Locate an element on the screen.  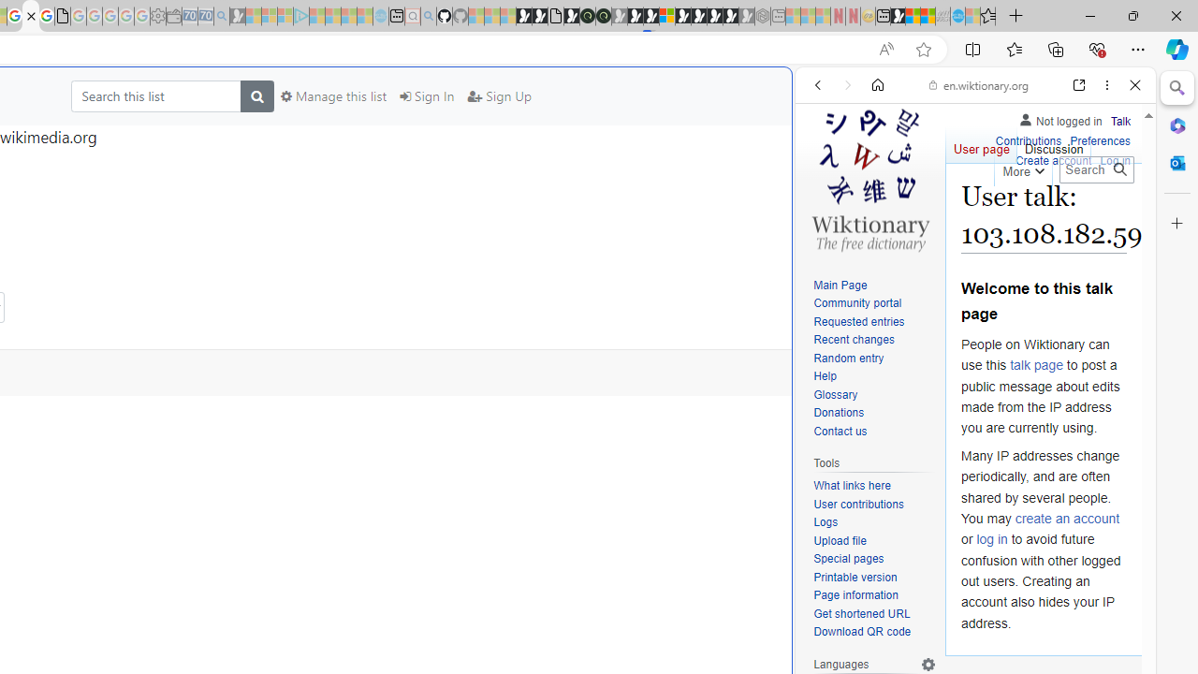
'User page' is located at coordinates (980, 144).